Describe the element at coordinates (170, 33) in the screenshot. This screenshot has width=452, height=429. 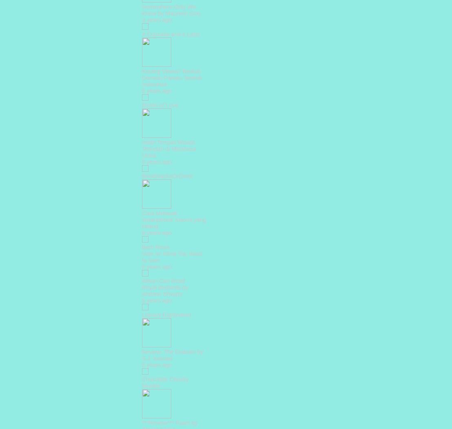
I see `'A Cupcake and a Latte'` at that location.